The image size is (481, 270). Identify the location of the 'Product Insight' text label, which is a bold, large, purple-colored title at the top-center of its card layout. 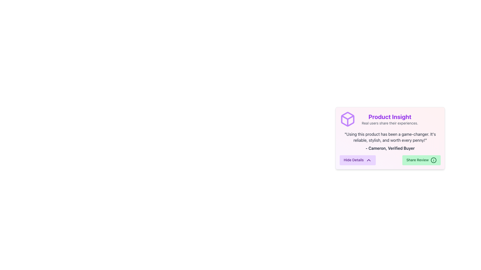
(390, 116).